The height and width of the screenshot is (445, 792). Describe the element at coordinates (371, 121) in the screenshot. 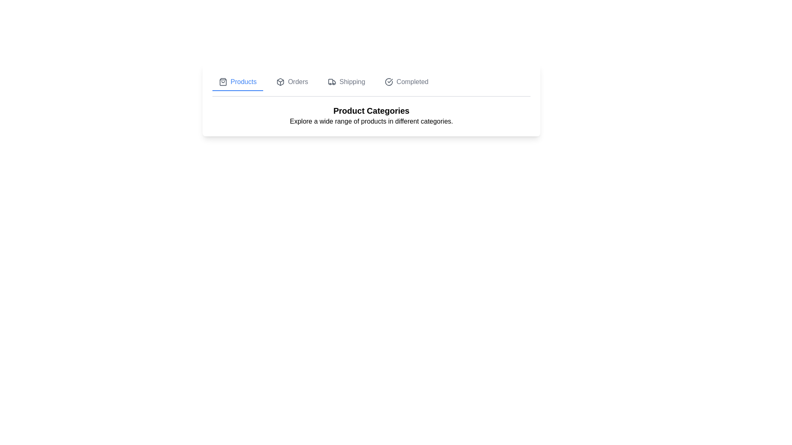

I see `the text segment displaying the message 'Explore a wide range of products in different categories.' which is located directly below the bolded heading 'Product Categories.'` at that location.